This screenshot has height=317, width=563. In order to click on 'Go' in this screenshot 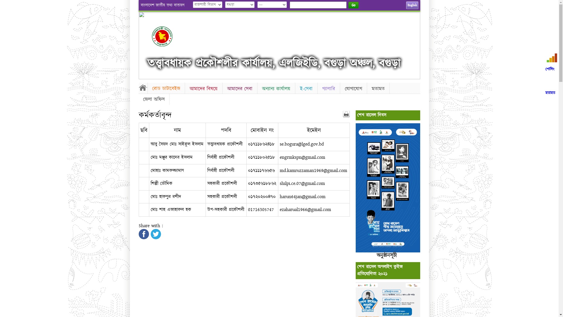, I will do `click(353, 5)`.